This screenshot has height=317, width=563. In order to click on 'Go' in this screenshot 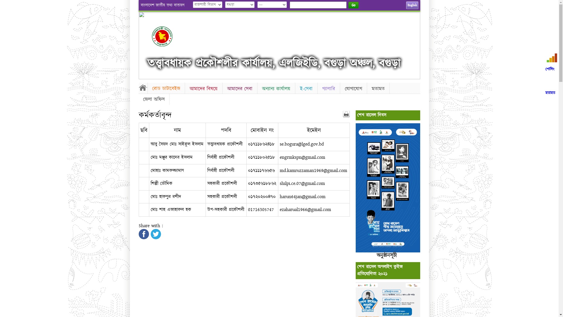, I will do `click(353, 5)`.